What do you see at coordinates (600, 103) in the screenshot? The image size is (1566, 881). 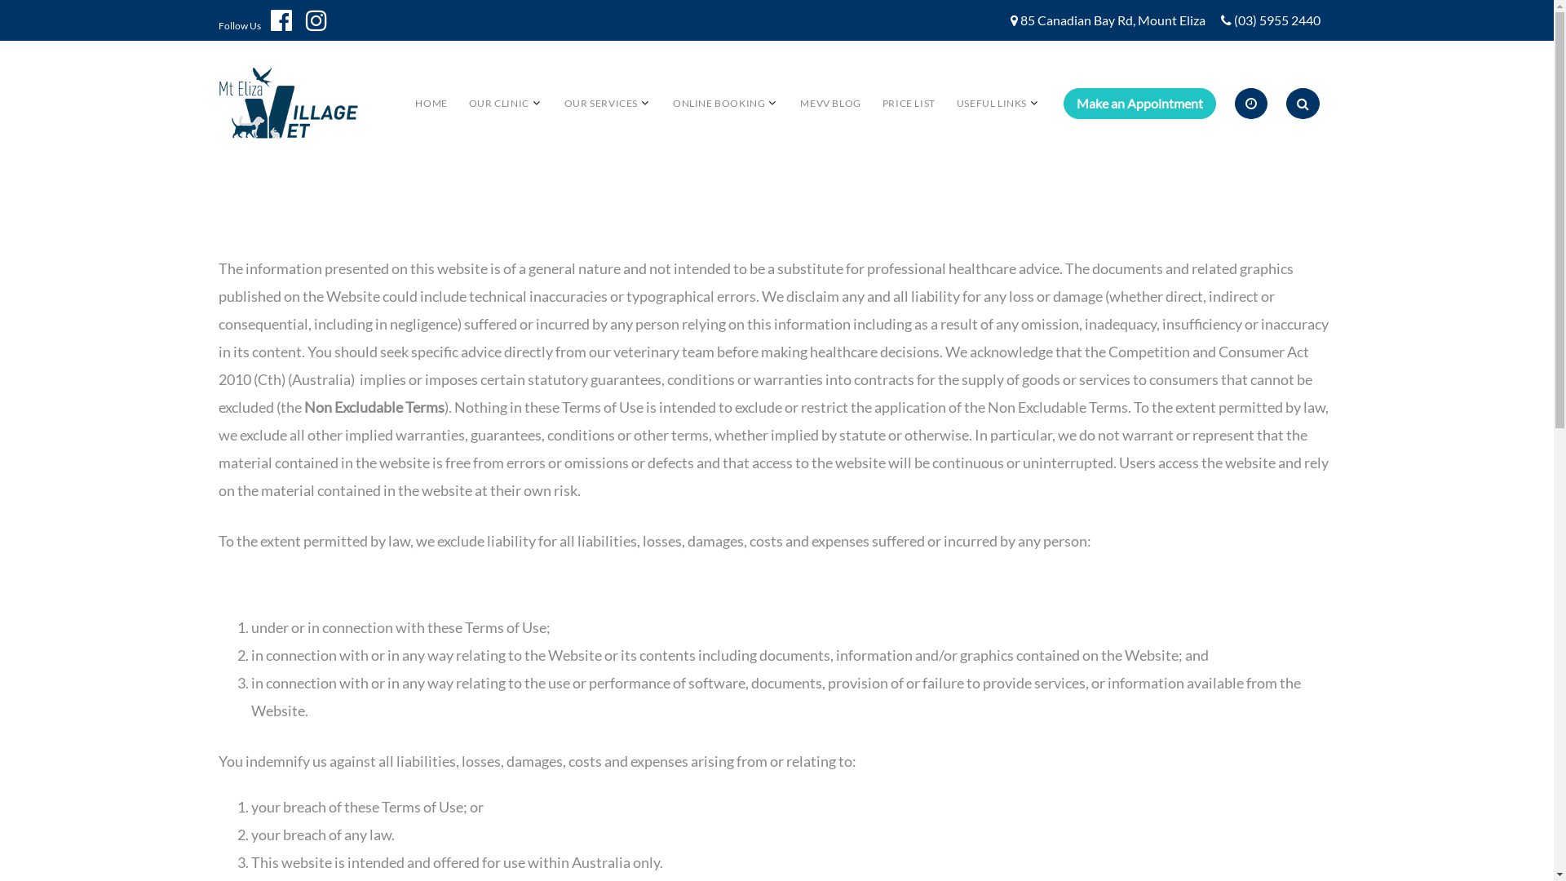 I see `'OUR SERVICES'` at bounding box center [600, 103].